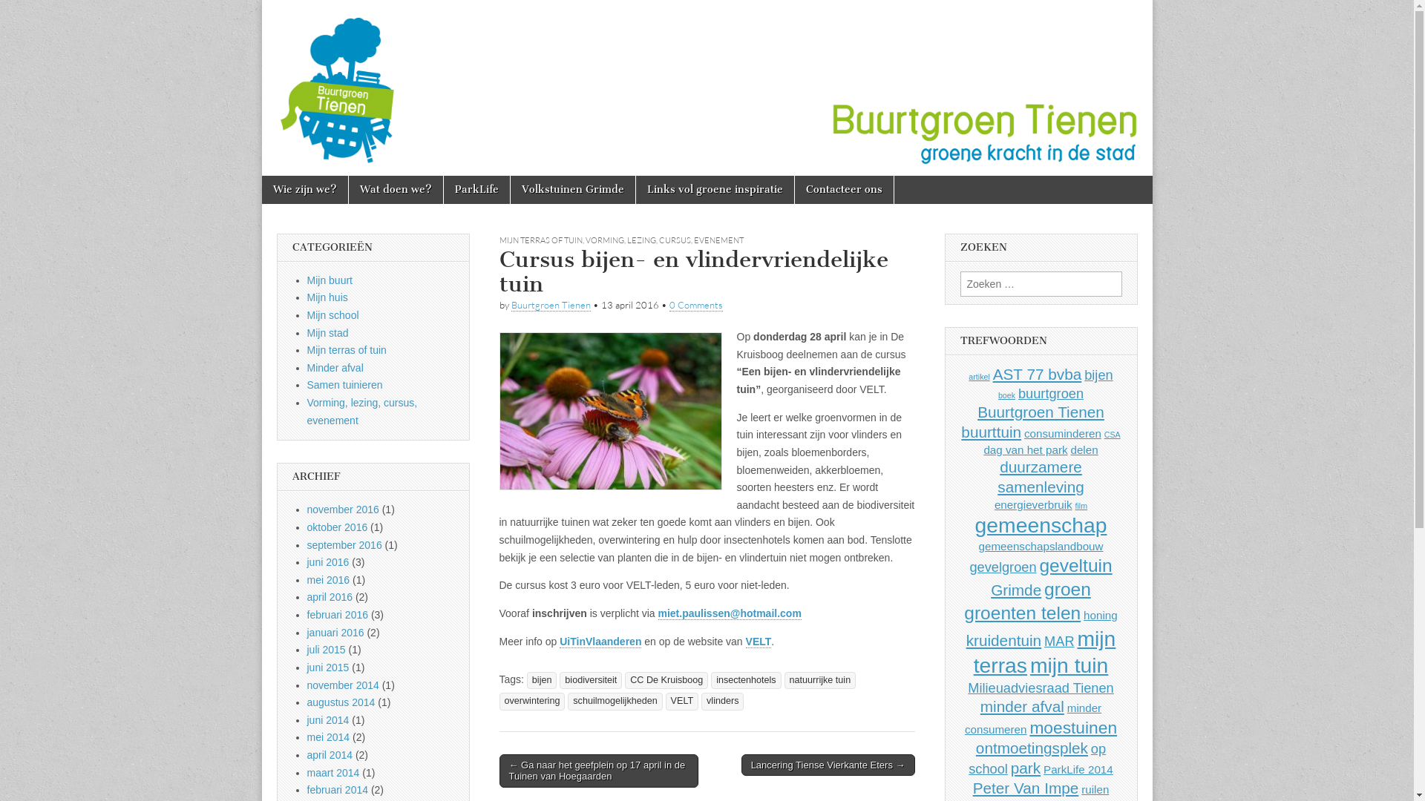 The height and width of the screenshot is (801, 1425). Describe the element at coordinates (1081, 505) in the screenshot. I see `'film'` at that location.